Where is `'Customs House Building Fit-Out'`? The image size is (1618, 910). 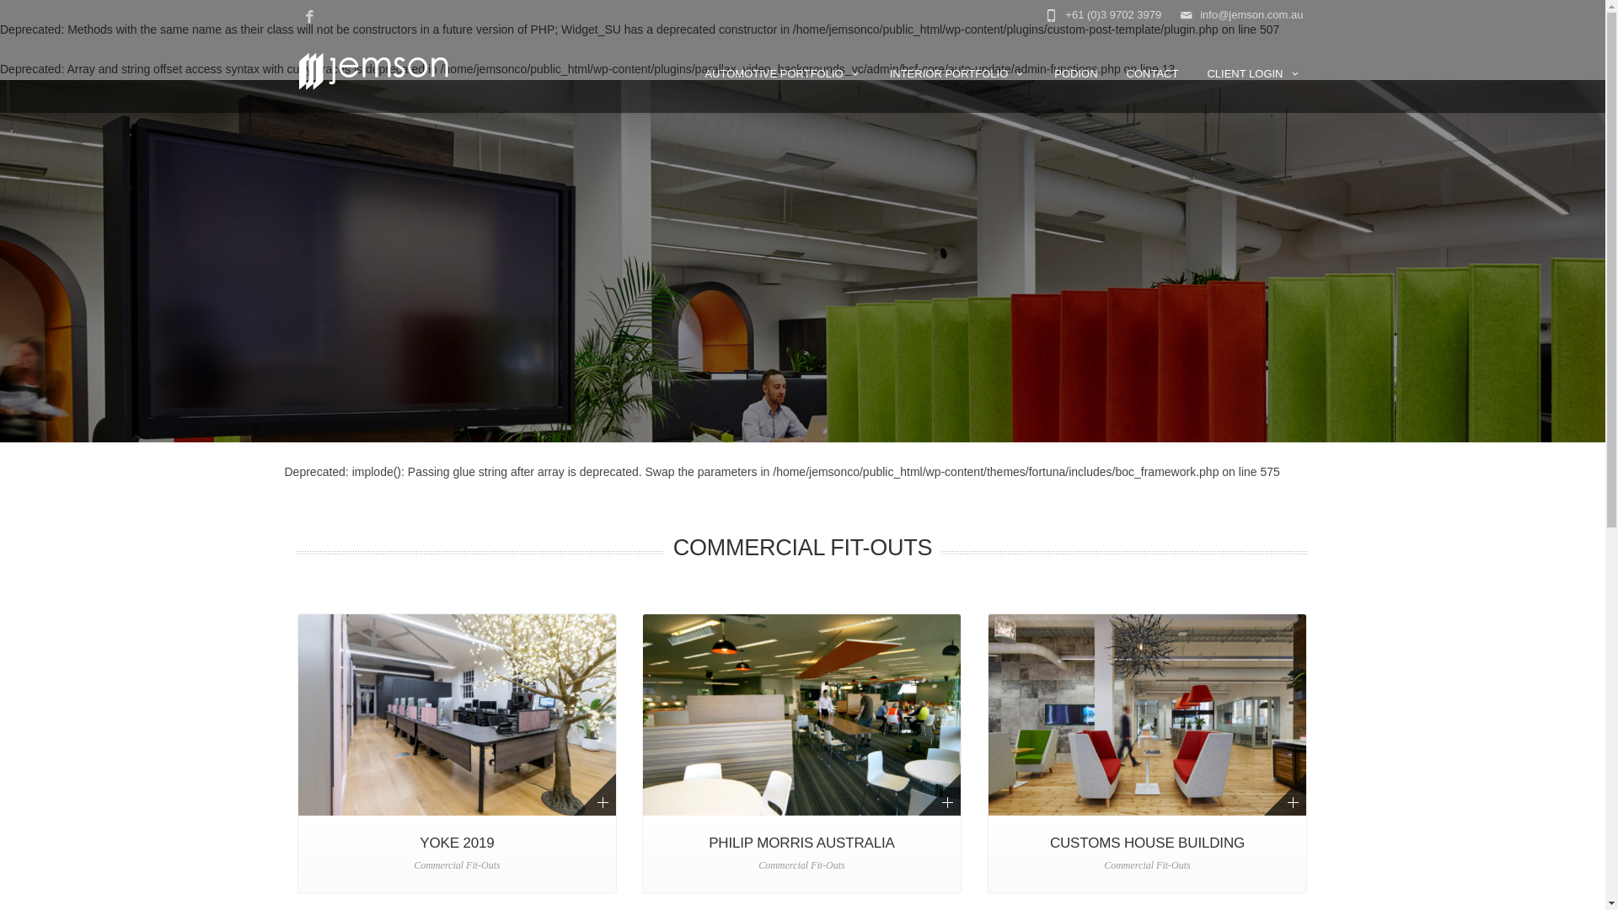
'Customs House Building Fit-Out' is located at coordinates (1146, 715).